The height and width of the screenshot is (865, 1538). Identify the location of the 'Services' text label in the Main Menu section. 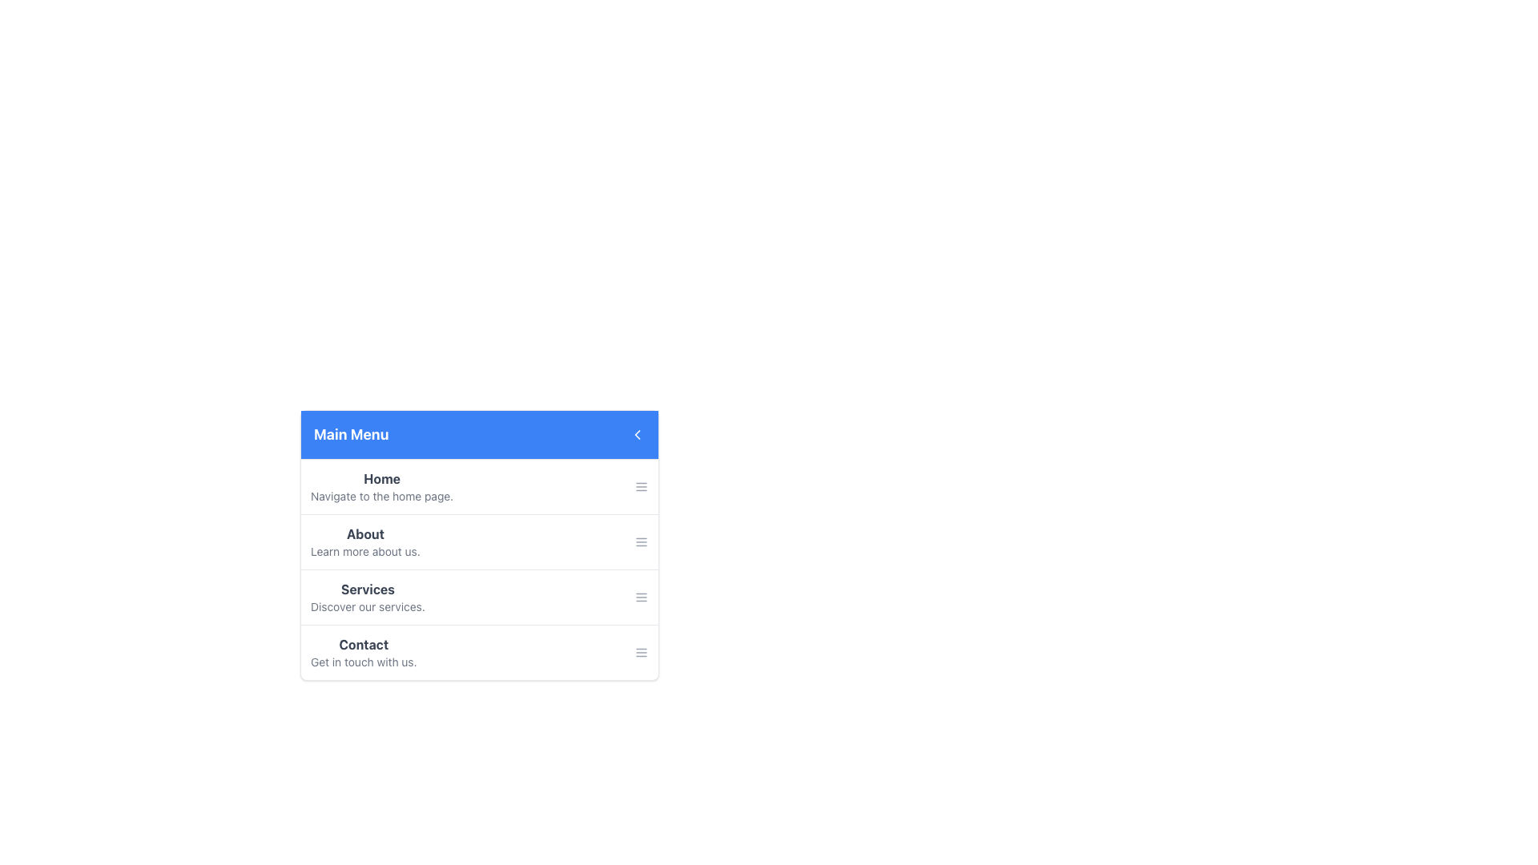
(367, 597).